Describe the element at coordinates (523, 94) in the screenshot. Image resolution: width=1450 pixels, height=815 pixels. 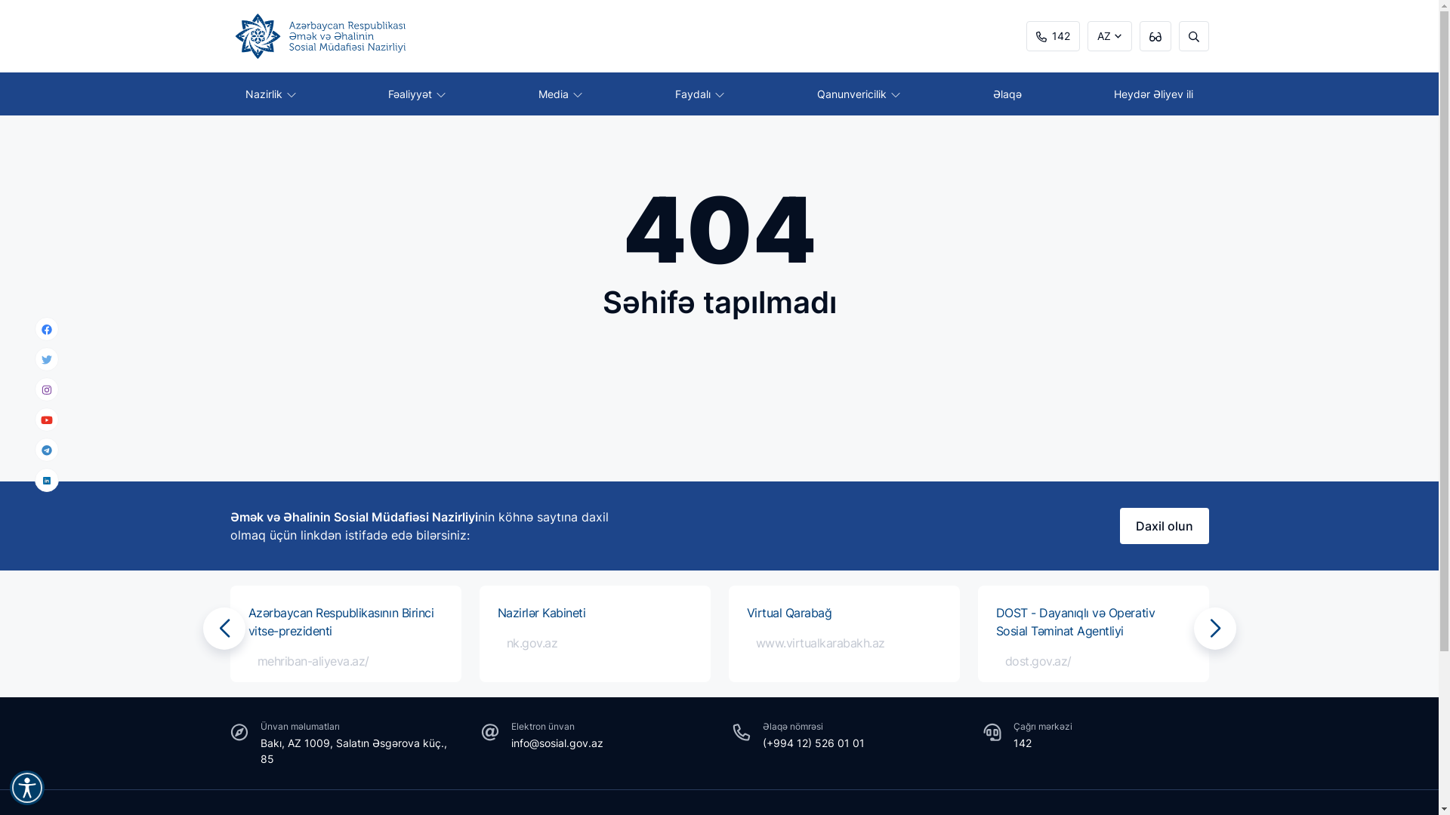
I see `'Media'` at that location.